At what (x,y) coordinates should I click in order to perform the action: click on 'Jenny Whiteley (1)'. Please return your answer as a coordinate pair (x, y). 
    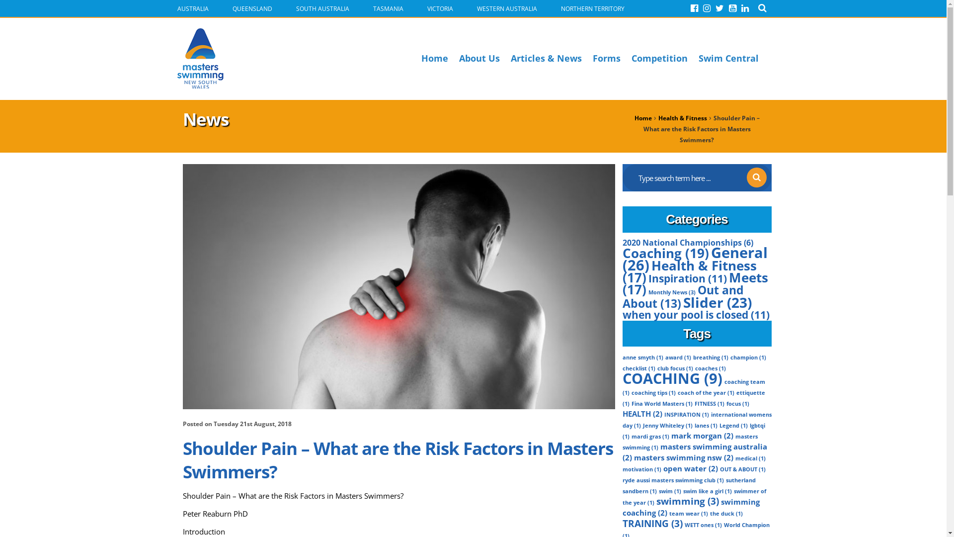
    Looking at the image, I should click on (668, 425).